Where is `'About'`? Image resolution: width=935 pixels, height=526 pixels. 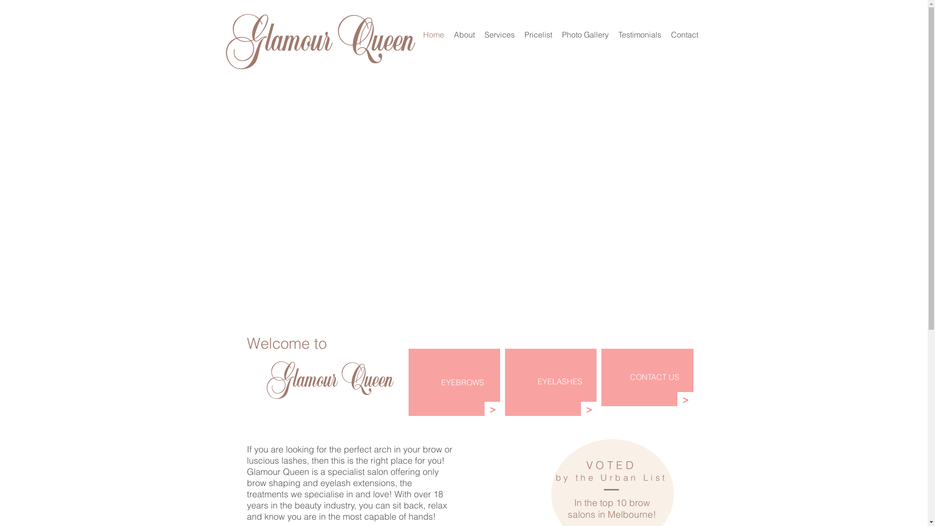
'About' is located at coordinates (464, 34).